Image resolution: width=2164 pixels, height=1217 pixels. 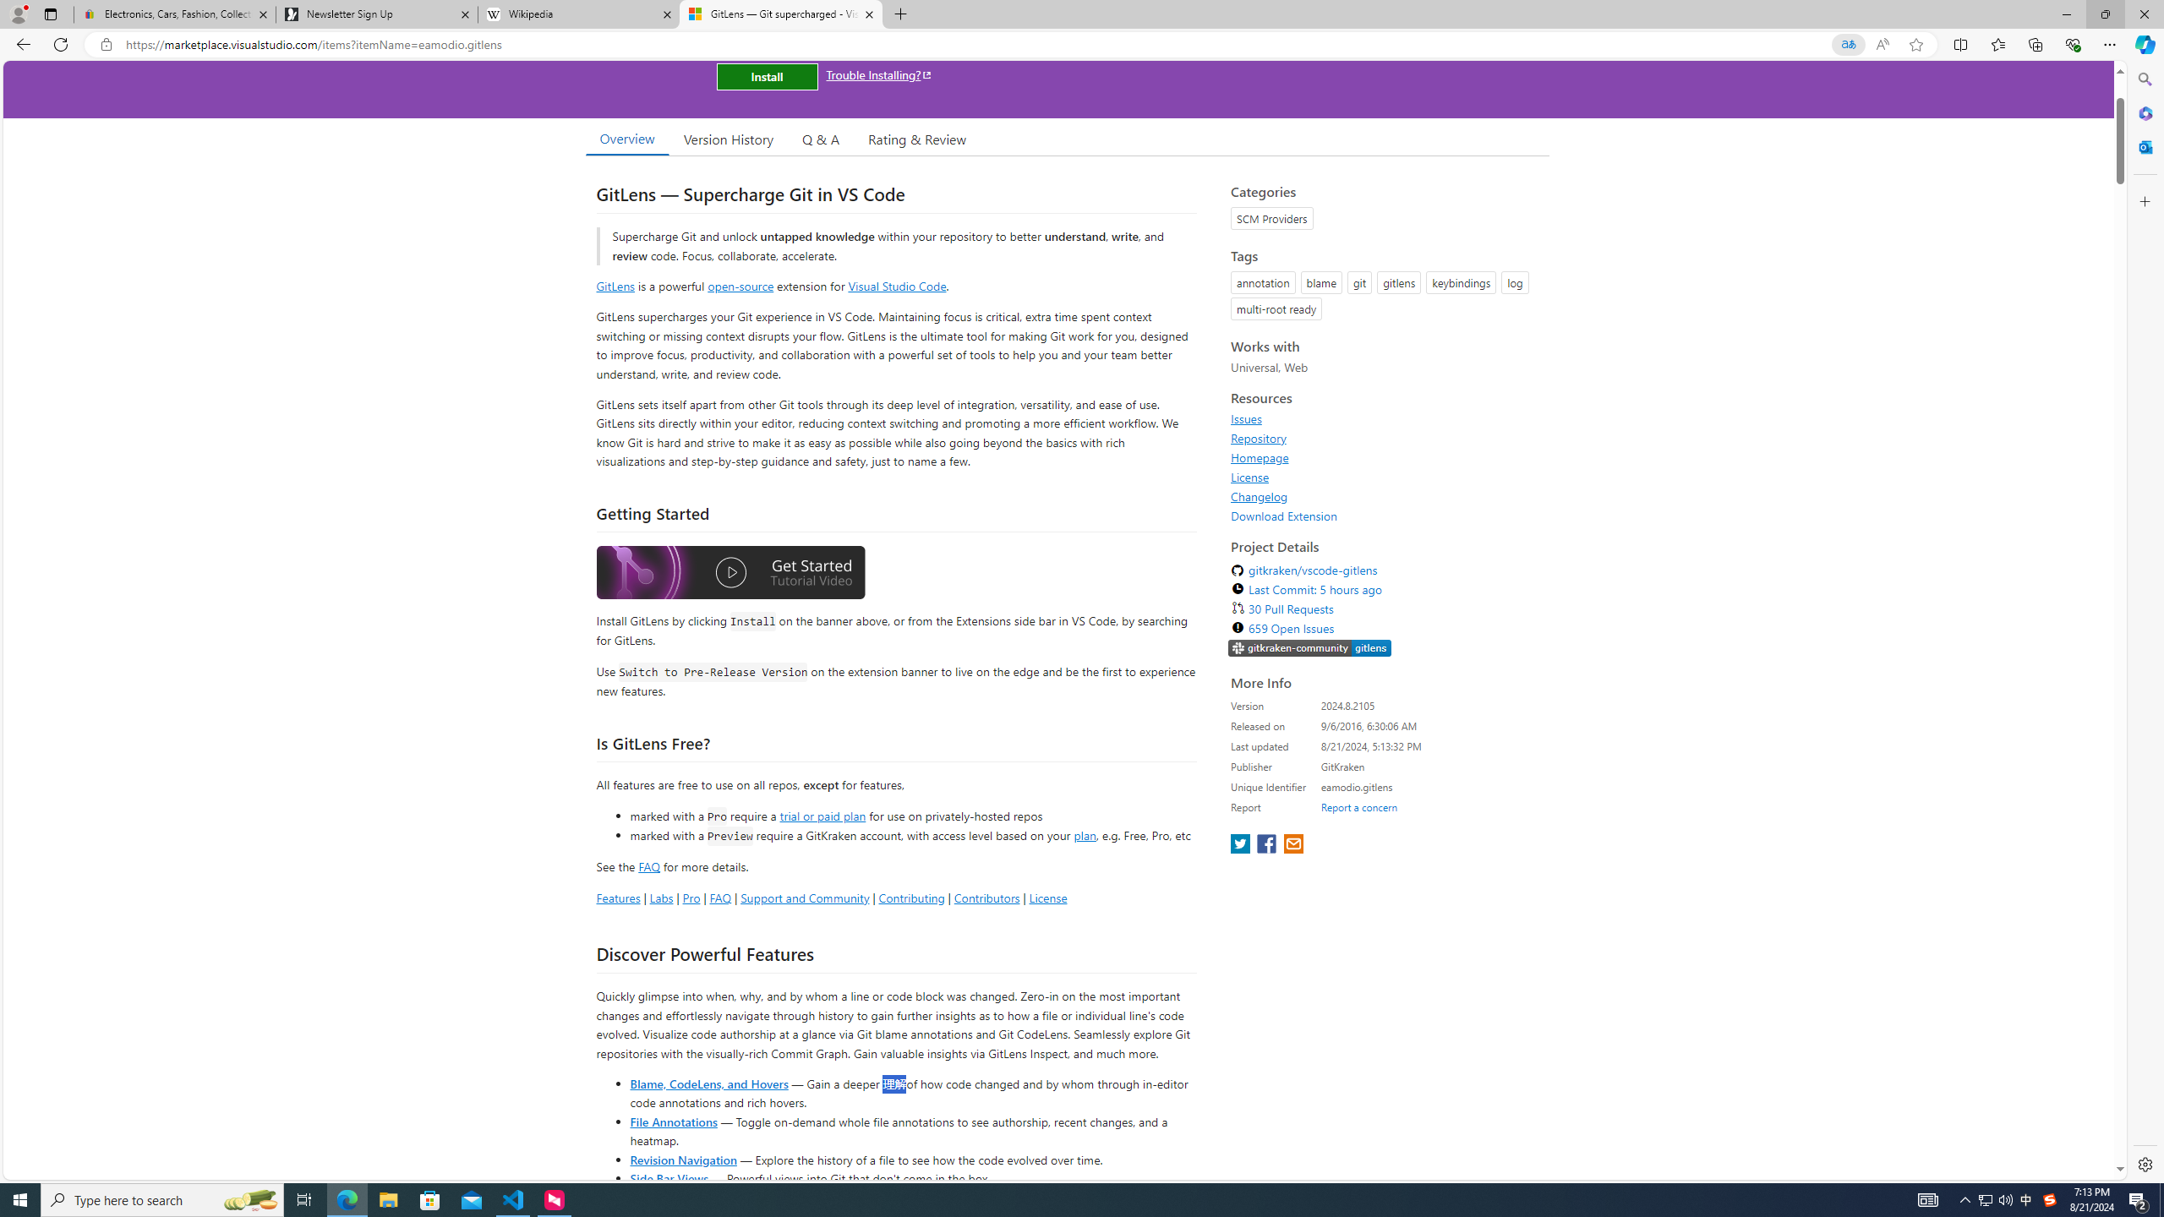 What do you see at coordinates (661, 897) in the screenshot?
I see `'Labs'` at bounding box center [661, 897].